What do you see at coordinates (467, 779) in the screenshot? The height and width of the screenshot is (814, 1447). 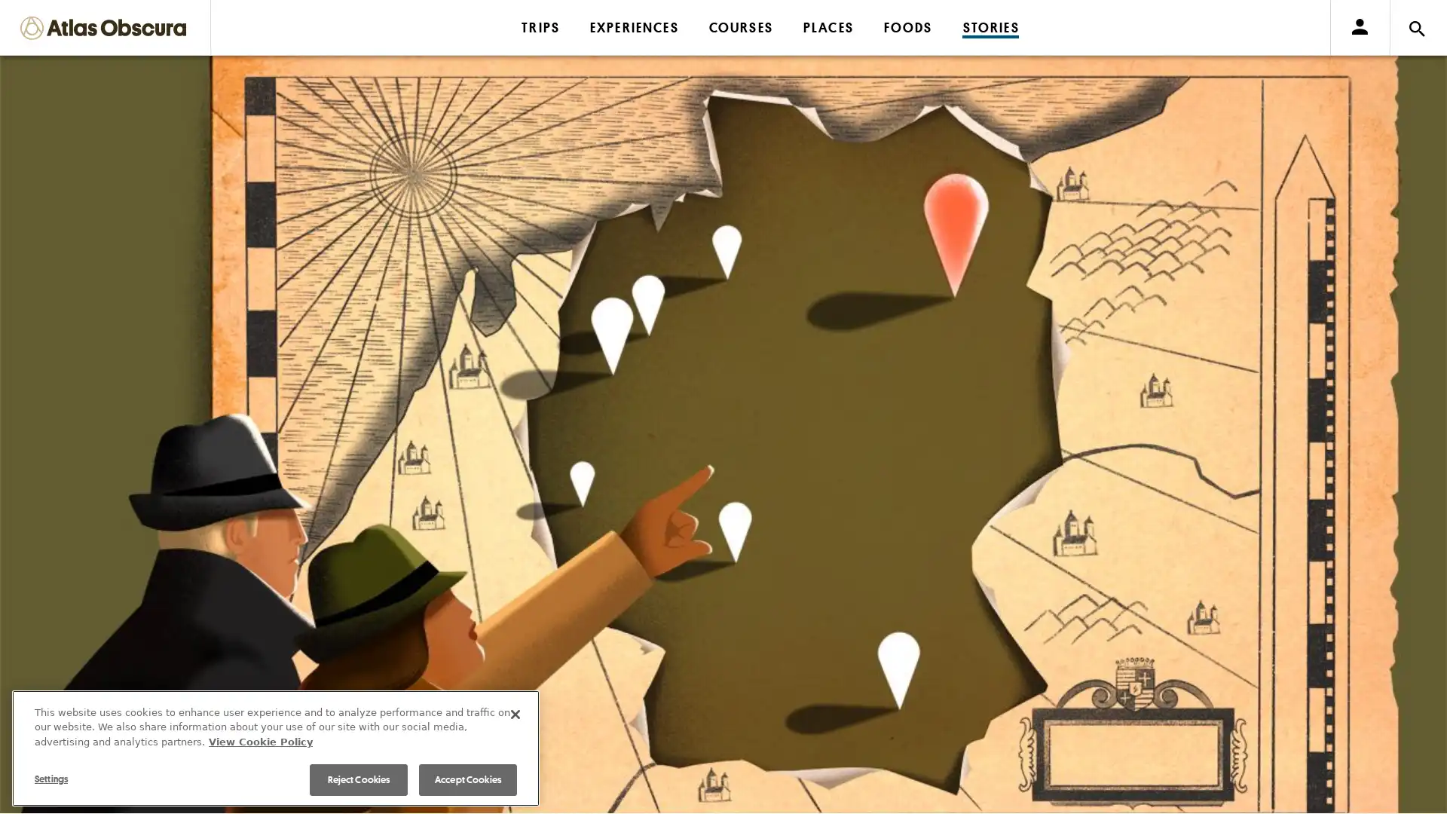 I see `Accept Cookies` at bounding box center [467, 779].